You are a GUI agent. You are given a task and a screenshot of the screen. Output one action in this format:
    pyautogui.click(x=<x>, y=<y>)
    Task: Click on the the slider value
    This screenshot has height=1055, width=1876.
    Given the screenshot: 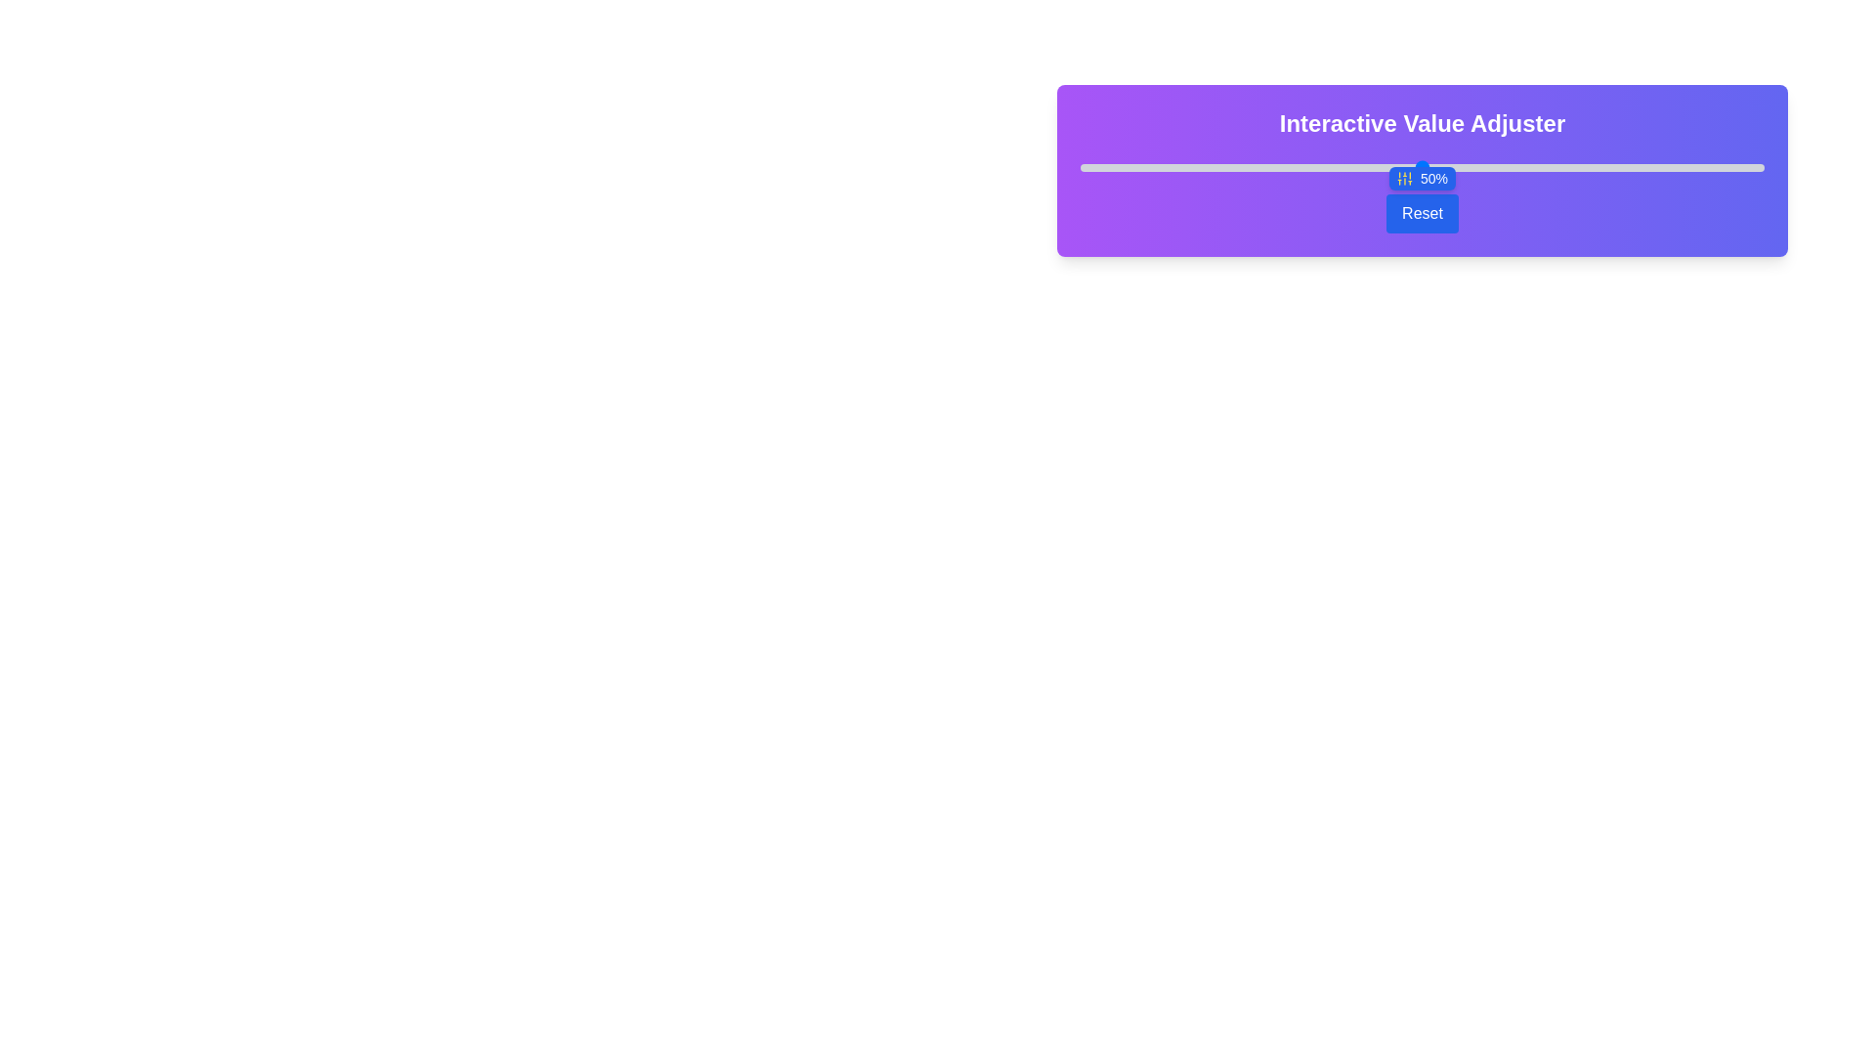 What is the action you would take?
    pyautogui.click(x=1477, y=167)
    